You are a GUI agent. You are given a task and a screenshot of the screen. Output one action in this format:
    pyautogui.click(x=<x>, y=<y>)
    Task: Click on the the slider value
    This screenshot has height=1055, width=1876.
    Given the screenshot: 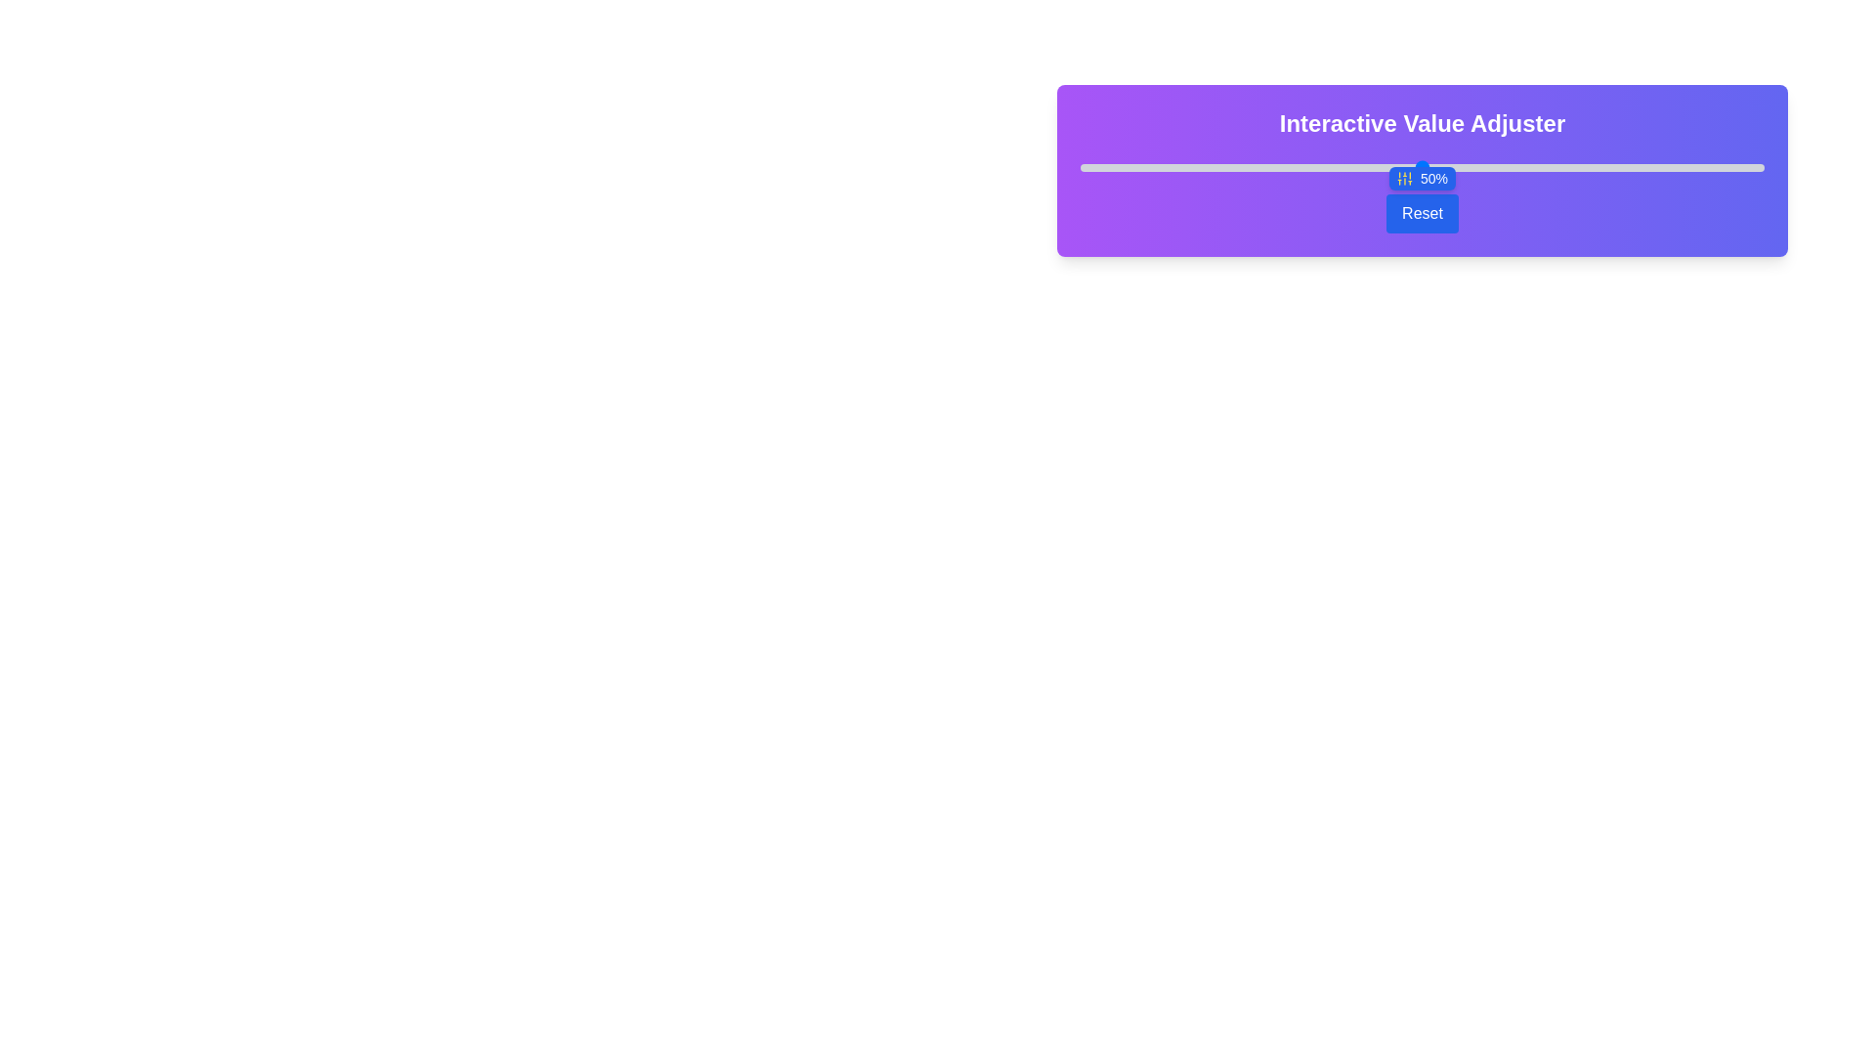 What is the action you would take?
    pyautogui.click(x=1477, y=167)
    